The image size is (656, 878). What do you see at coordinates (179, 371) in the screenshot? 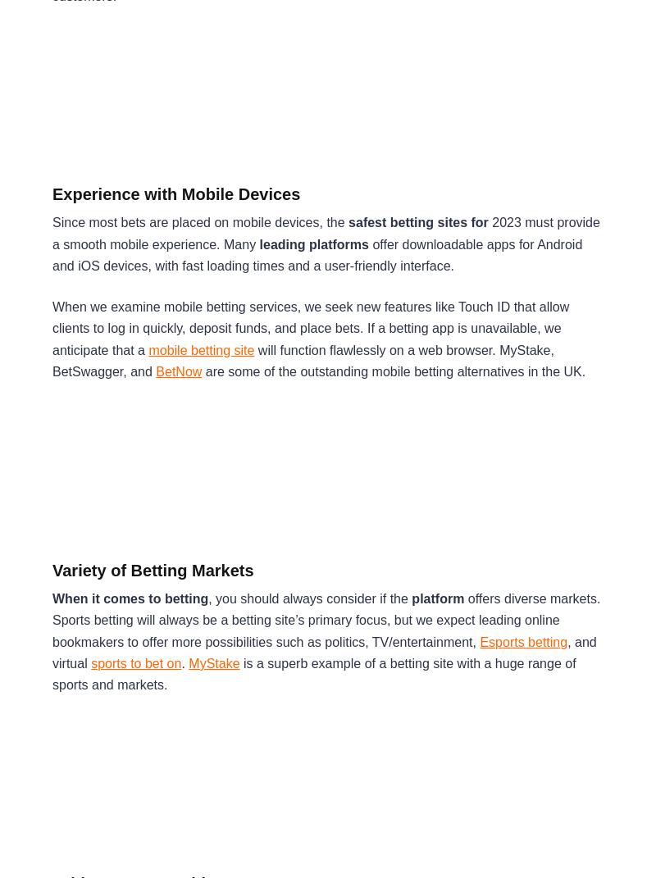
I see `'BetNow'` at bounding box center [179, 371].